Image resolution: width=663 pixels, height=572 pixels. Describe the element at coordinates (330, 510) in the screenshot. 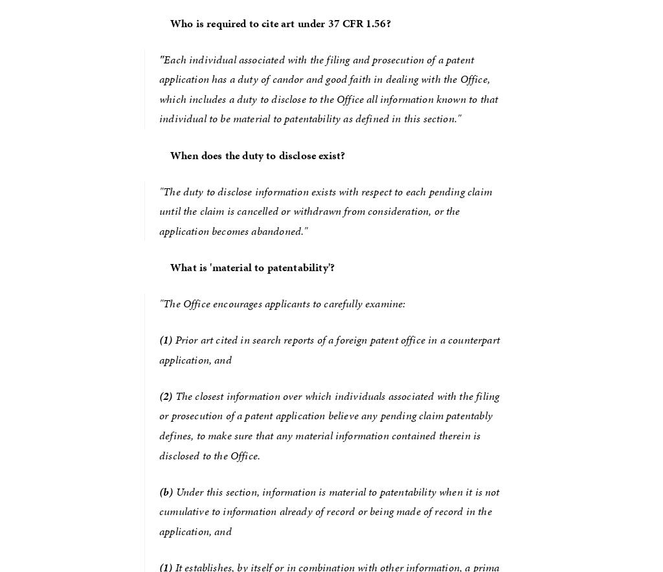

I see `'Under this section, information is material to patentability when it is not cumulative to information already of record or being made of record in the application, and'` at that location.